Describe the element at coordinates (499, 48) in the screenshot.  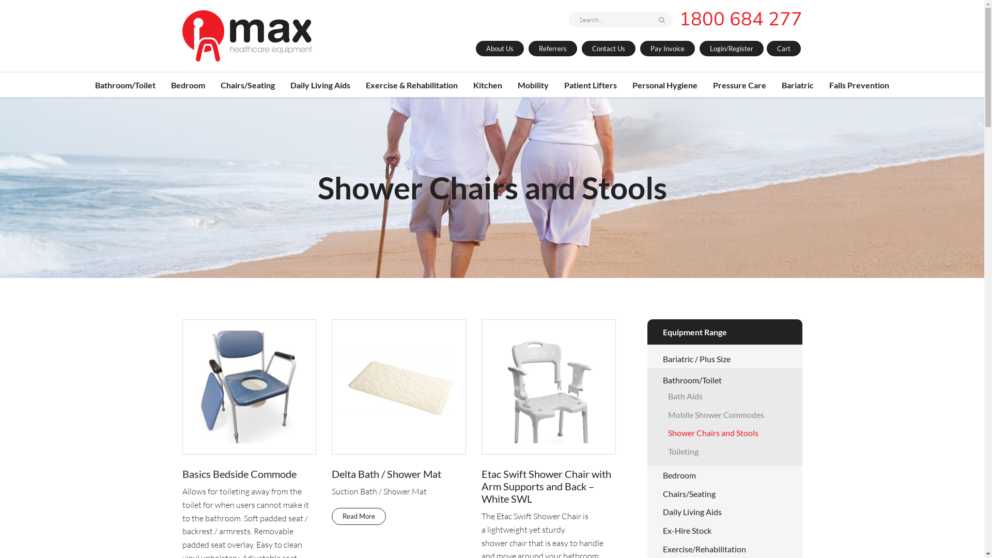
I see `'About Us'` at that location.